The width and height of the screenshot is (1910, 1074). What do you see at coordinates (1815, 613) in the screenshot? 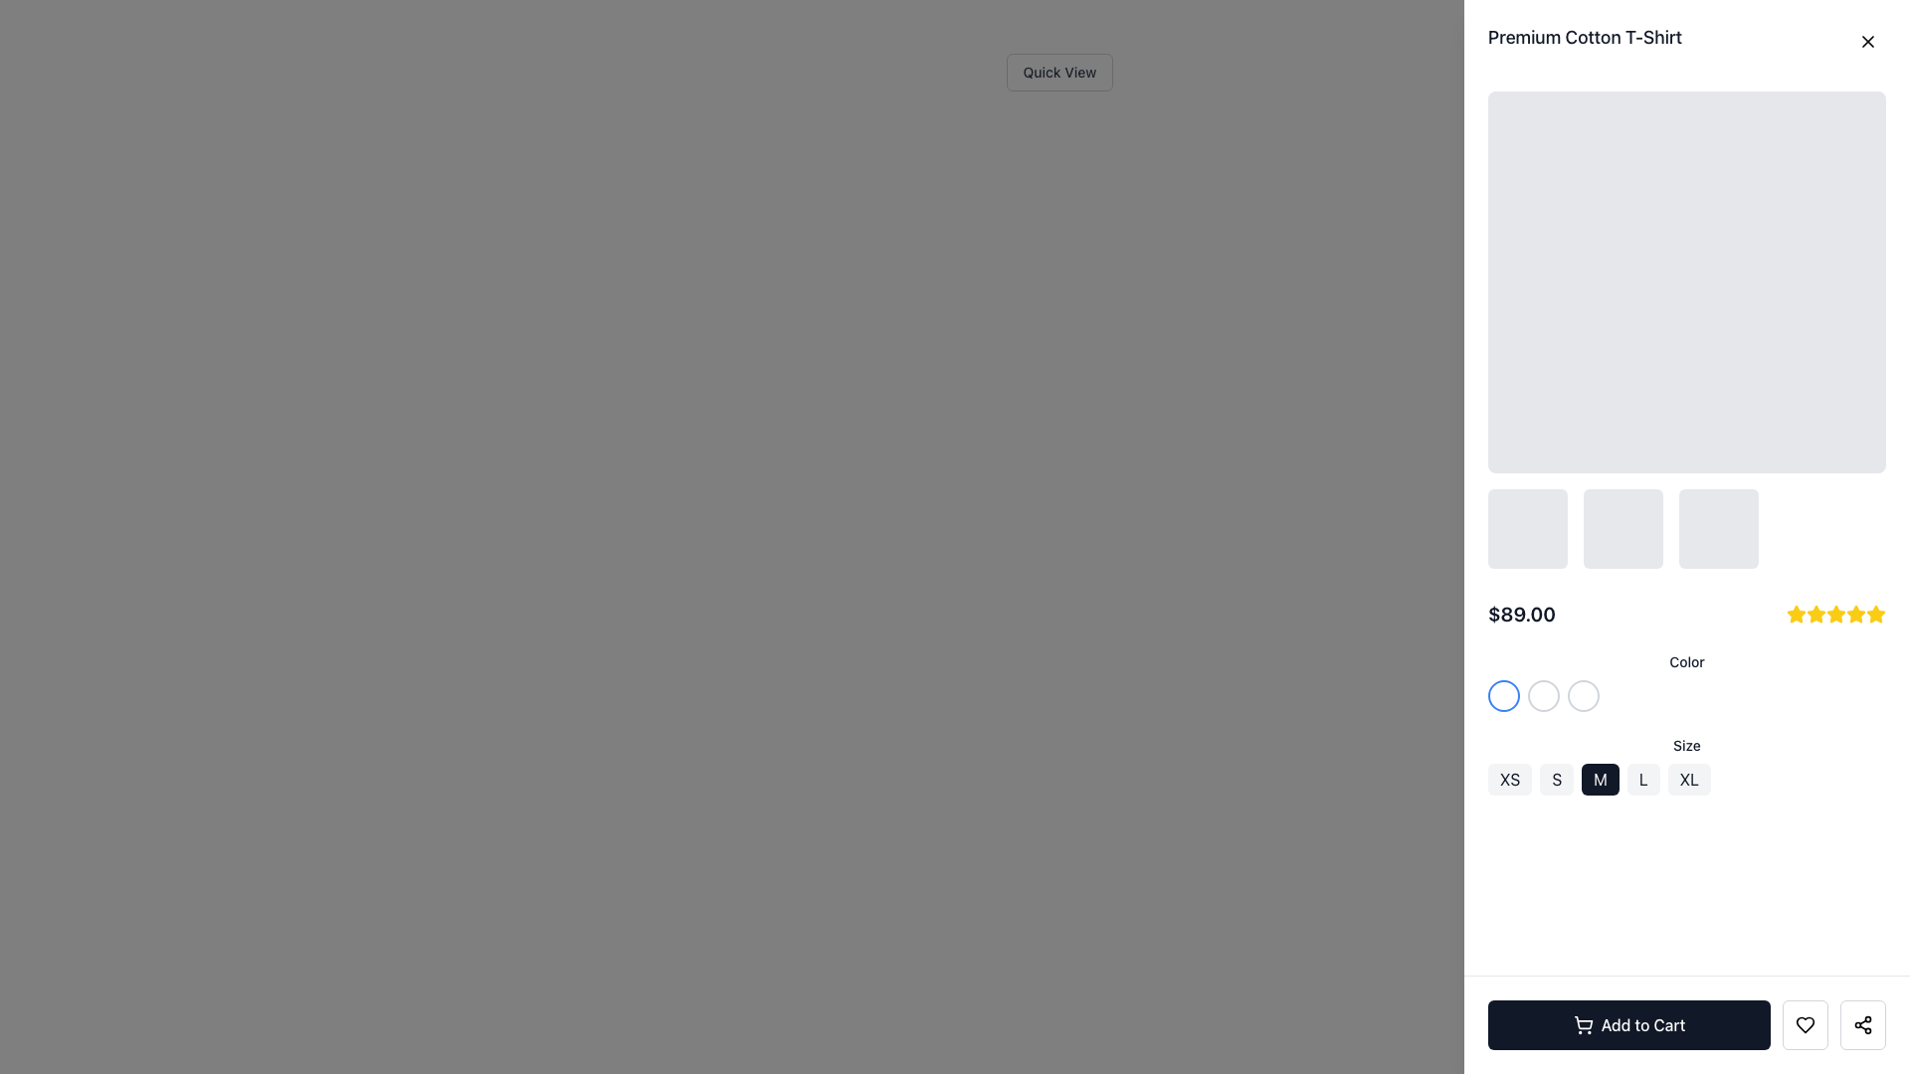
I see `the third yellow star icon` at bounding box center [1815, 613].